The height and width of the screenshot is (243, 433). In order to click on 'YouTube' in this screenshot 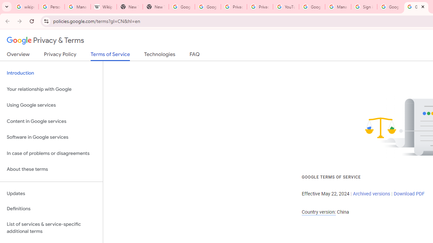, I will do `click(286, 7)`.